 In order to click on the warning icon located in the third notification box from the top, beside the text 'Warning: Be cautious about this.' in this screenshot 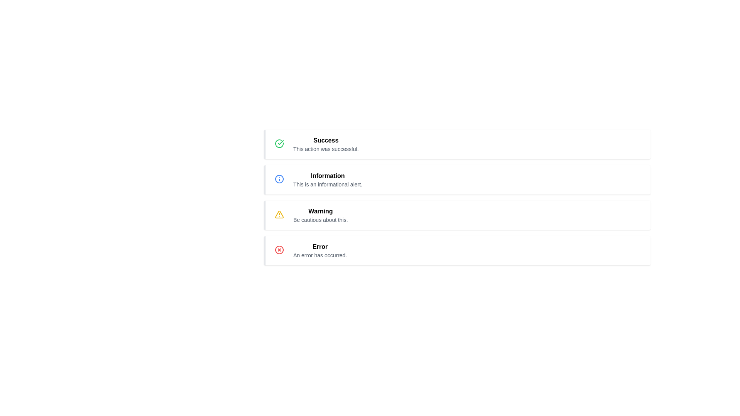, I will do `click(279, 214)`.